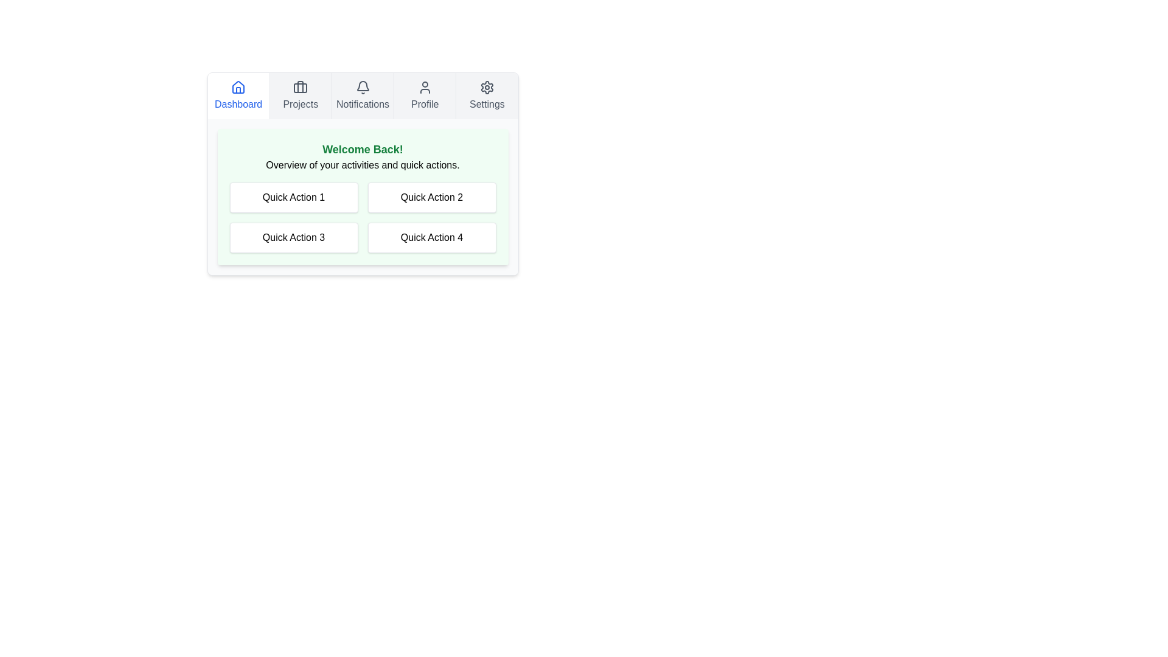 The image size is (1168, 657). What do you see at coordinates (425, 104) in the screenshot?
I see `text label displaying the word 'Profile', which is located centrally below the user profile icon in the horizontal navigation bar` at bounding box center [425, 104].